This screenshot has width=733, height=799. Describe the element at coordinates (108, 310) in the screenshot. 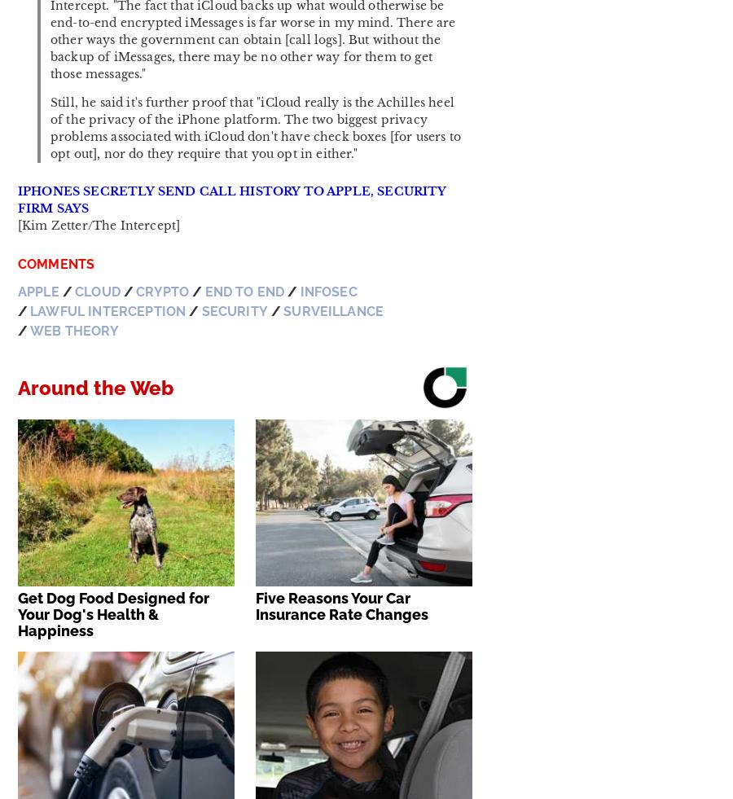

I see `'lawful interception'` at that location.